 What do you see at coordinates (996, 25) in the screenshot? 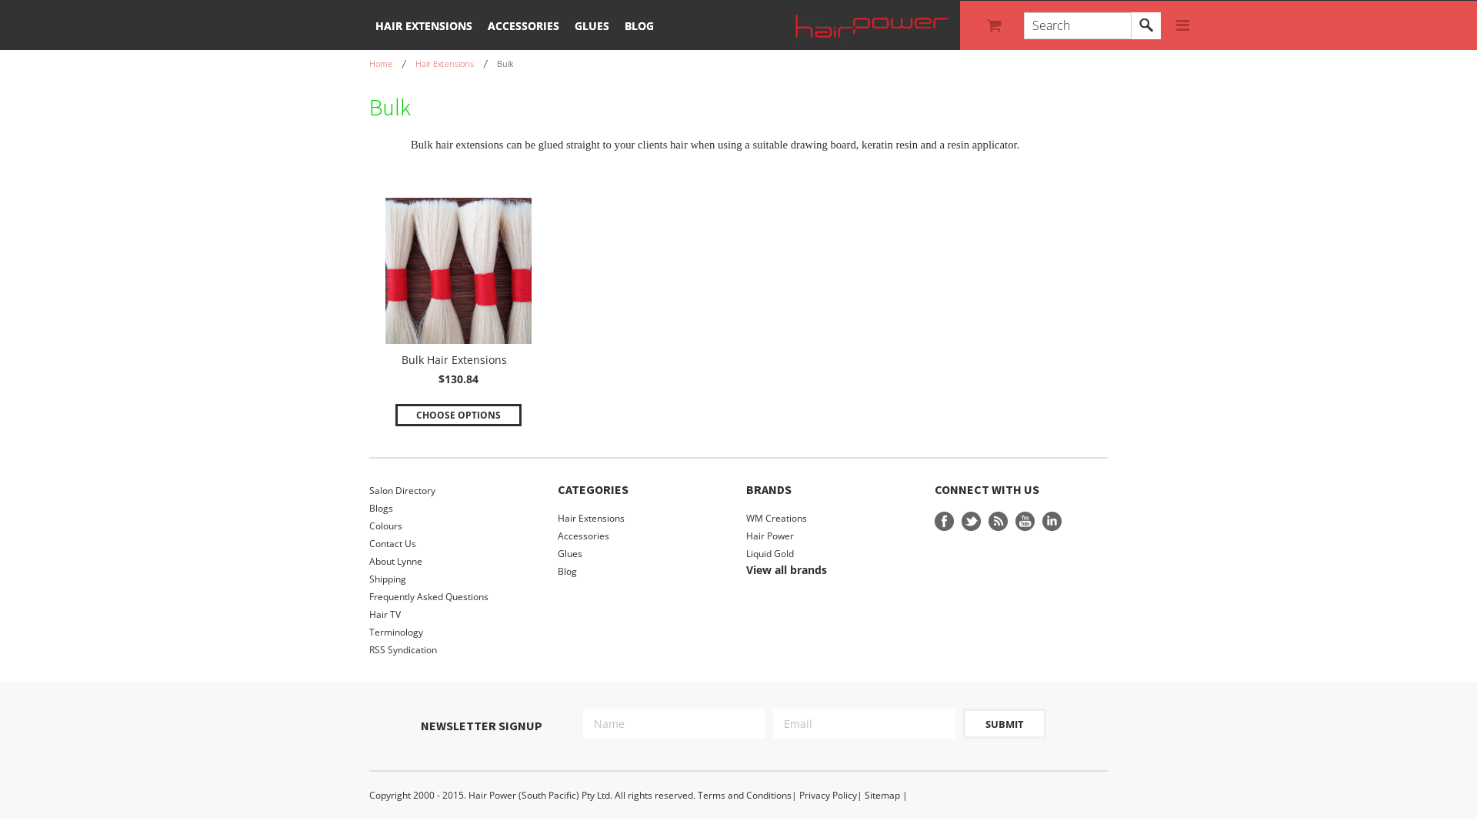
I see `'View Cart'` at bounding box center [996, 25].